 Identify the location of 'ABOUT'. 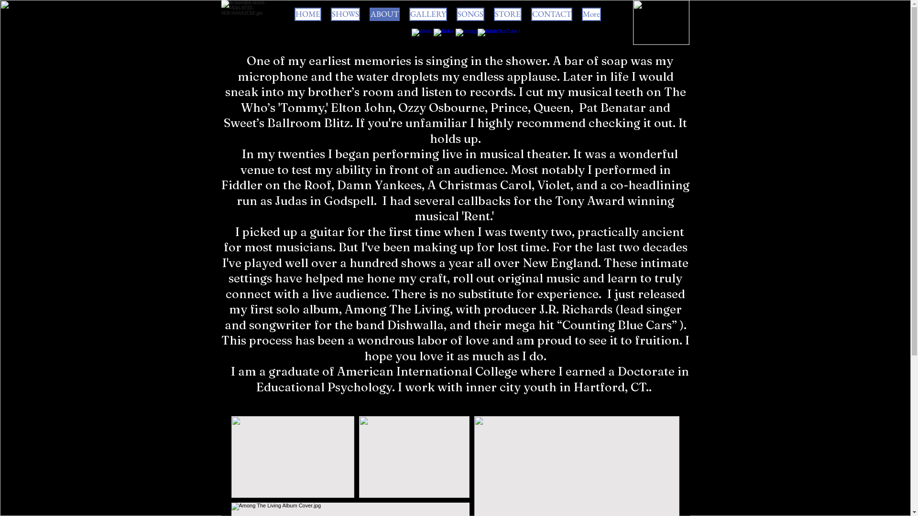
(384, 14).